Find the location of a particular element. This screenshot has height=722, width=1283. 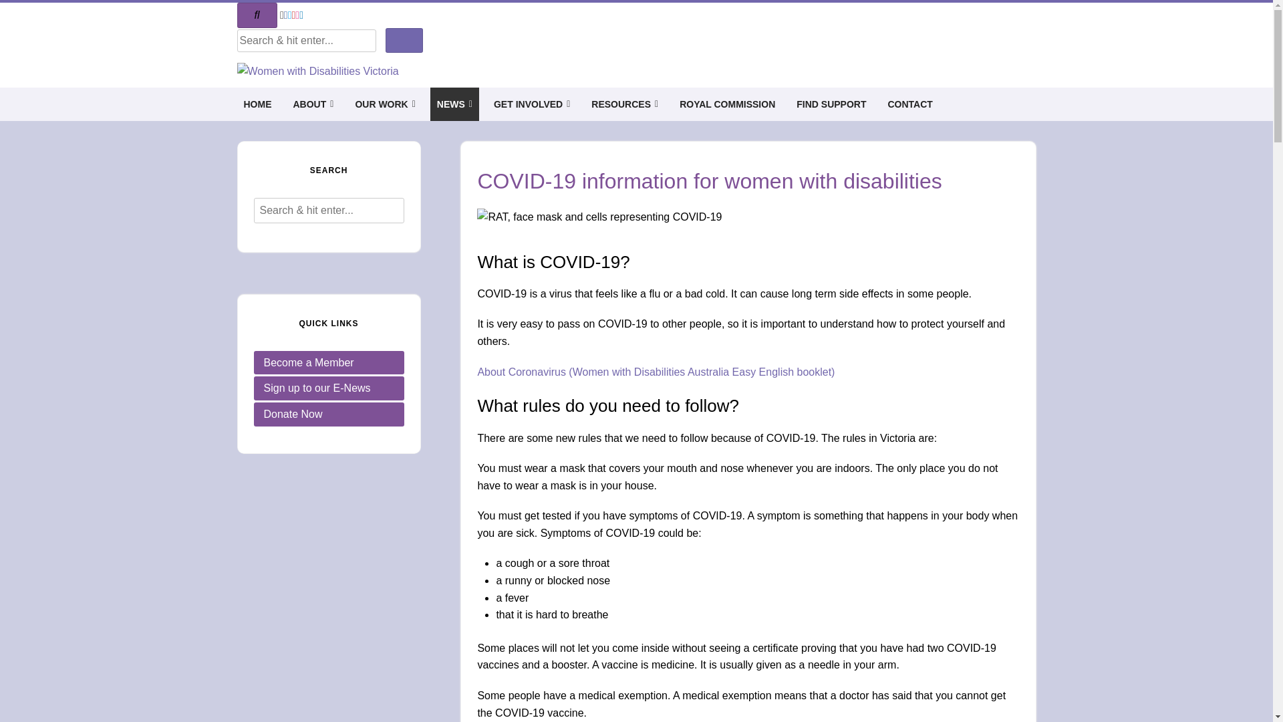

'HOME' is located at coordinates (257, 103).